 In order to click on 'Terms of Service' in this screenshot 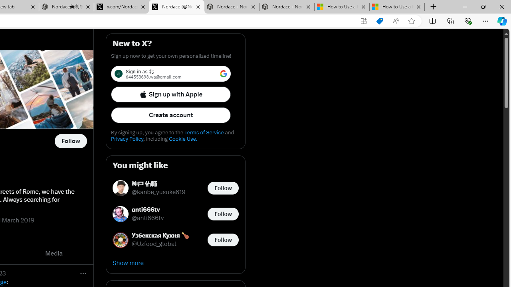, I will do `click(204, 132)`.